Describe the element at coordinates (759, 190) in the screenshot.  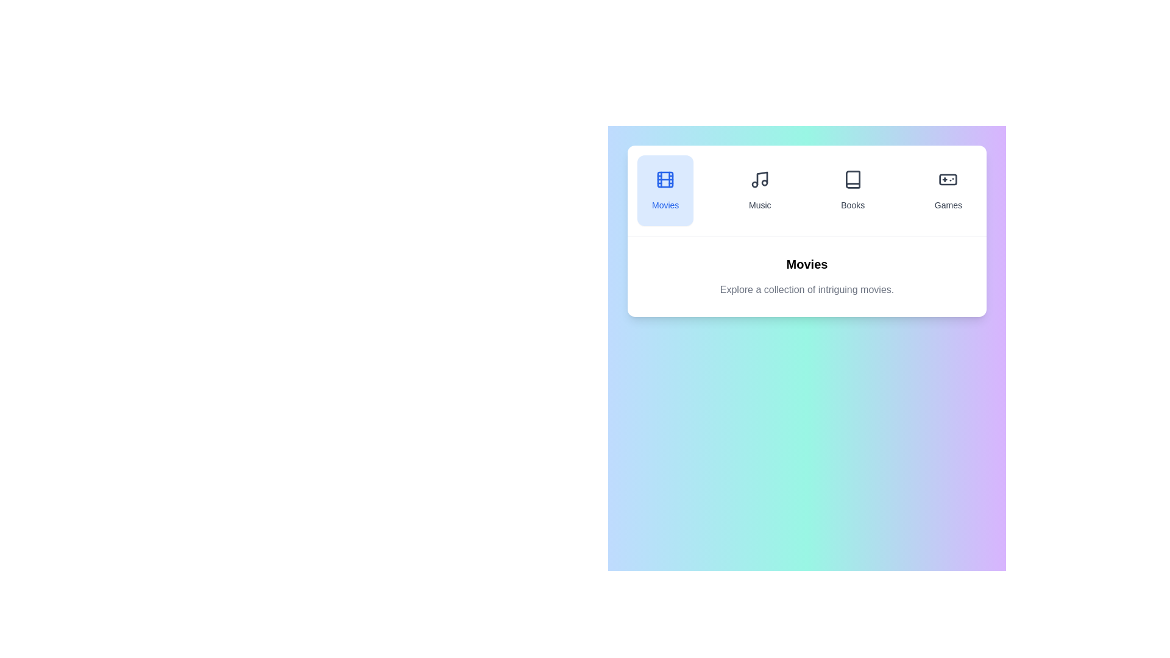
I see `the Music tab to switch to the respective entertainment category` at that location.